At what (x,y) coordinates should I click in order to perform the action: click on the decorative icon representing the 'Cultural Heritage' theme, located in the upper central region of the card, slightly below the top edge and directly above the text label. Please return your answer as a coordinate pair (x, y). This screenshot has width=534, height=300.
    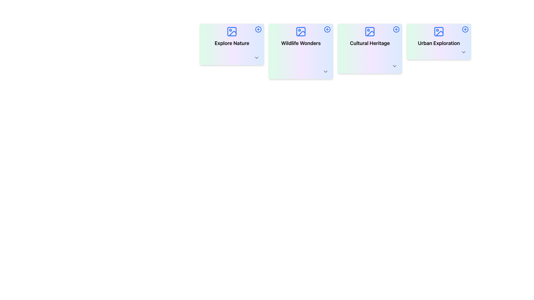
    Looking at the image, I should click on (370, 32).